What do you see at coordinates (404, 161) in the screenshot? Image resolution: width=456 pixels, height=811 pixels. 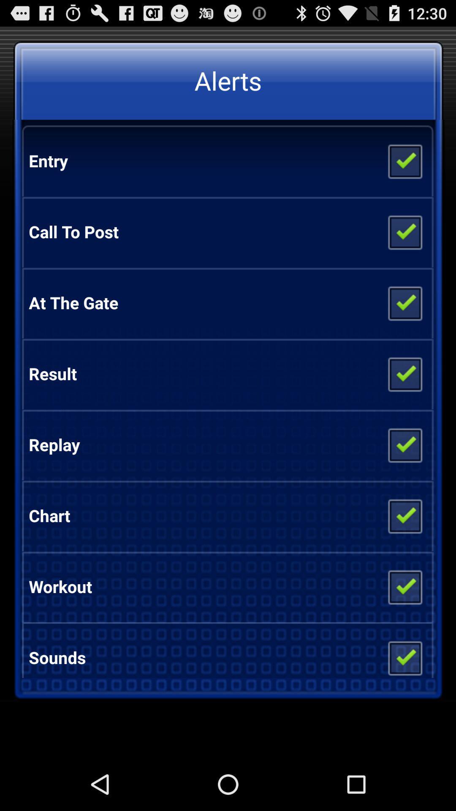 I see `deselect entry` at bounding box center [404, 161].